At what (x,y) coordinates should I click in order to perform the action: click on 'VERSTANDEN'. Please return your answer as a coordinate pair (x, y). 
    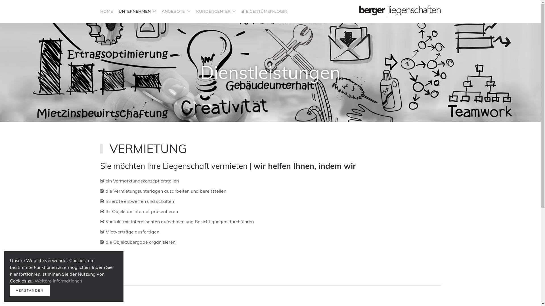
    Looking at the image, I should click on (30, 290).